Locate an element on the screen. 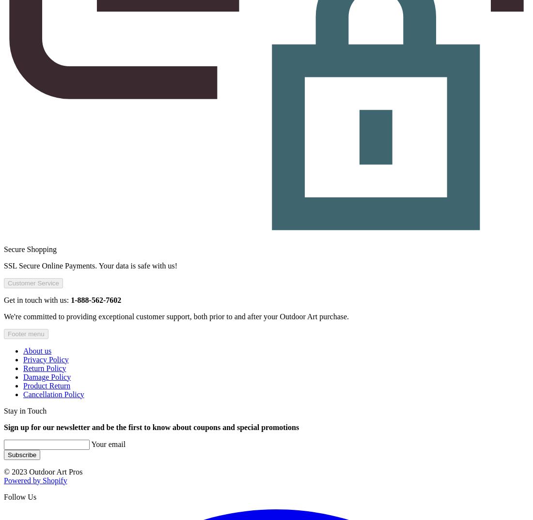 The width and height of the screenshot is (533, 520). 'Stay in Touch' is located at coordinates (25, 410).